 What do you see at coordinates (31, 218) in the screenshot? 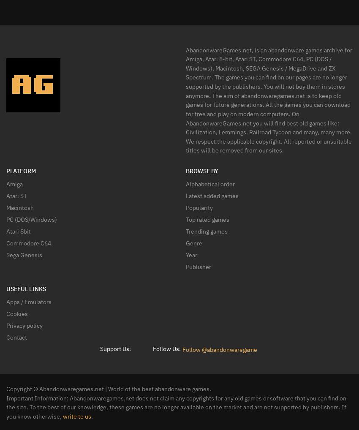
I see `'PC (DOS/Windows)'` at bounding box center [31, 218].